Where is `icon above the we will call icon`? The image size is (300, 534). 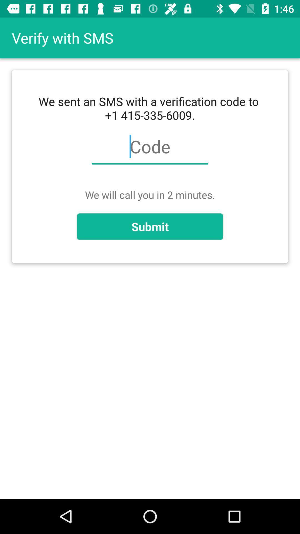 icon above the we will call icon is located at coordinates (150, 150).